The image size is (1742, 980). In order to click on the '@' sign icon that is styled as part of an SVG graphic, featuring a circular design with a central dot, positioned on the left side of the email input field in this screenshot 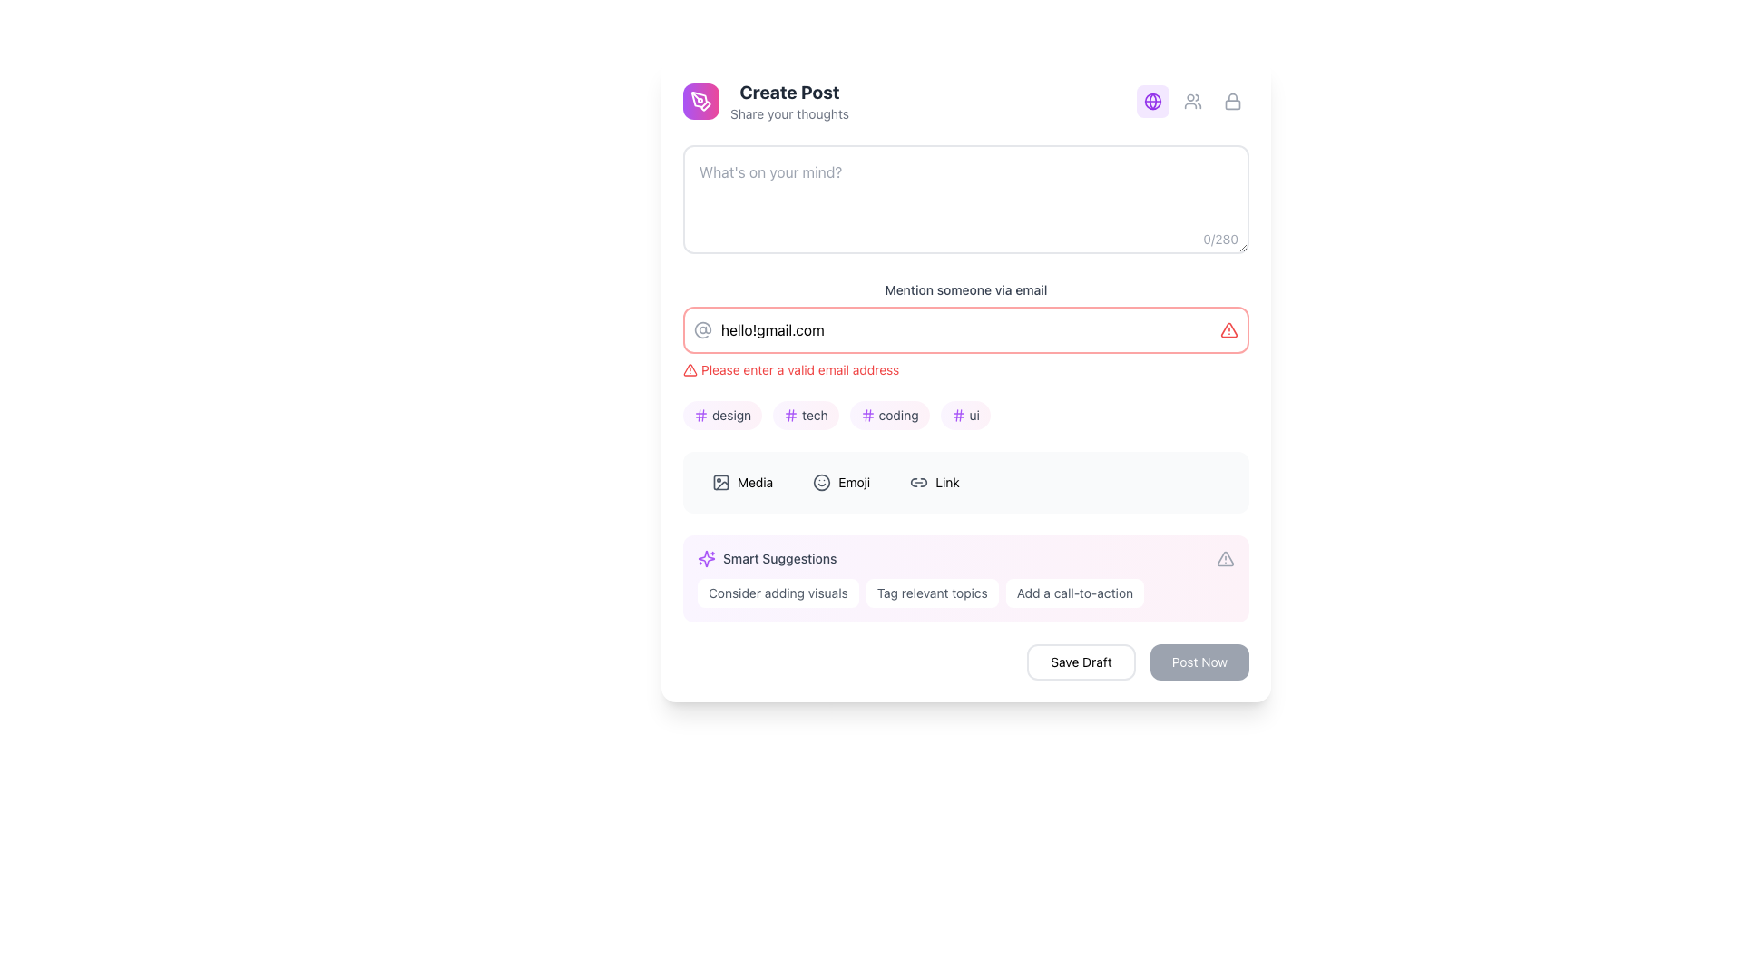, I will do `click(701, 329)`.